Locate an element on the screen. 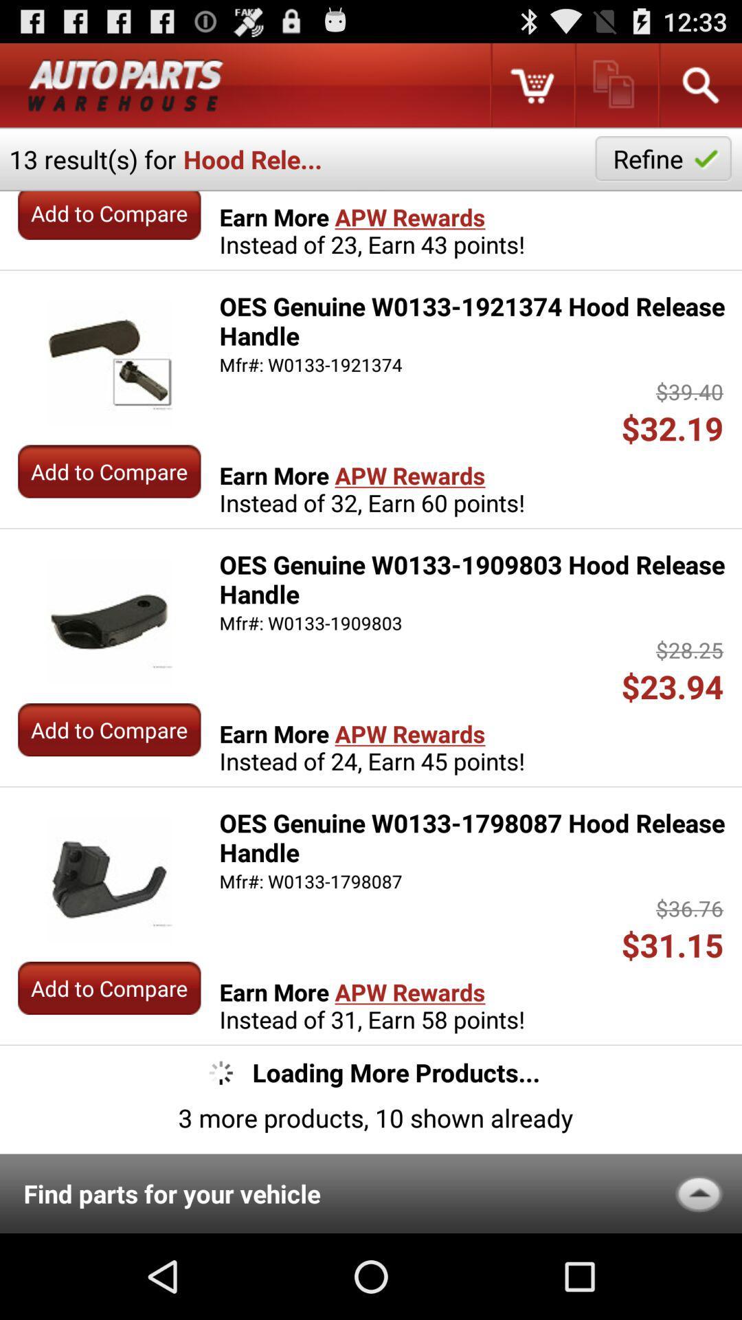 The width and height of the screenshot is (742, 1320). the search icon is located at coordinates (699, 90).